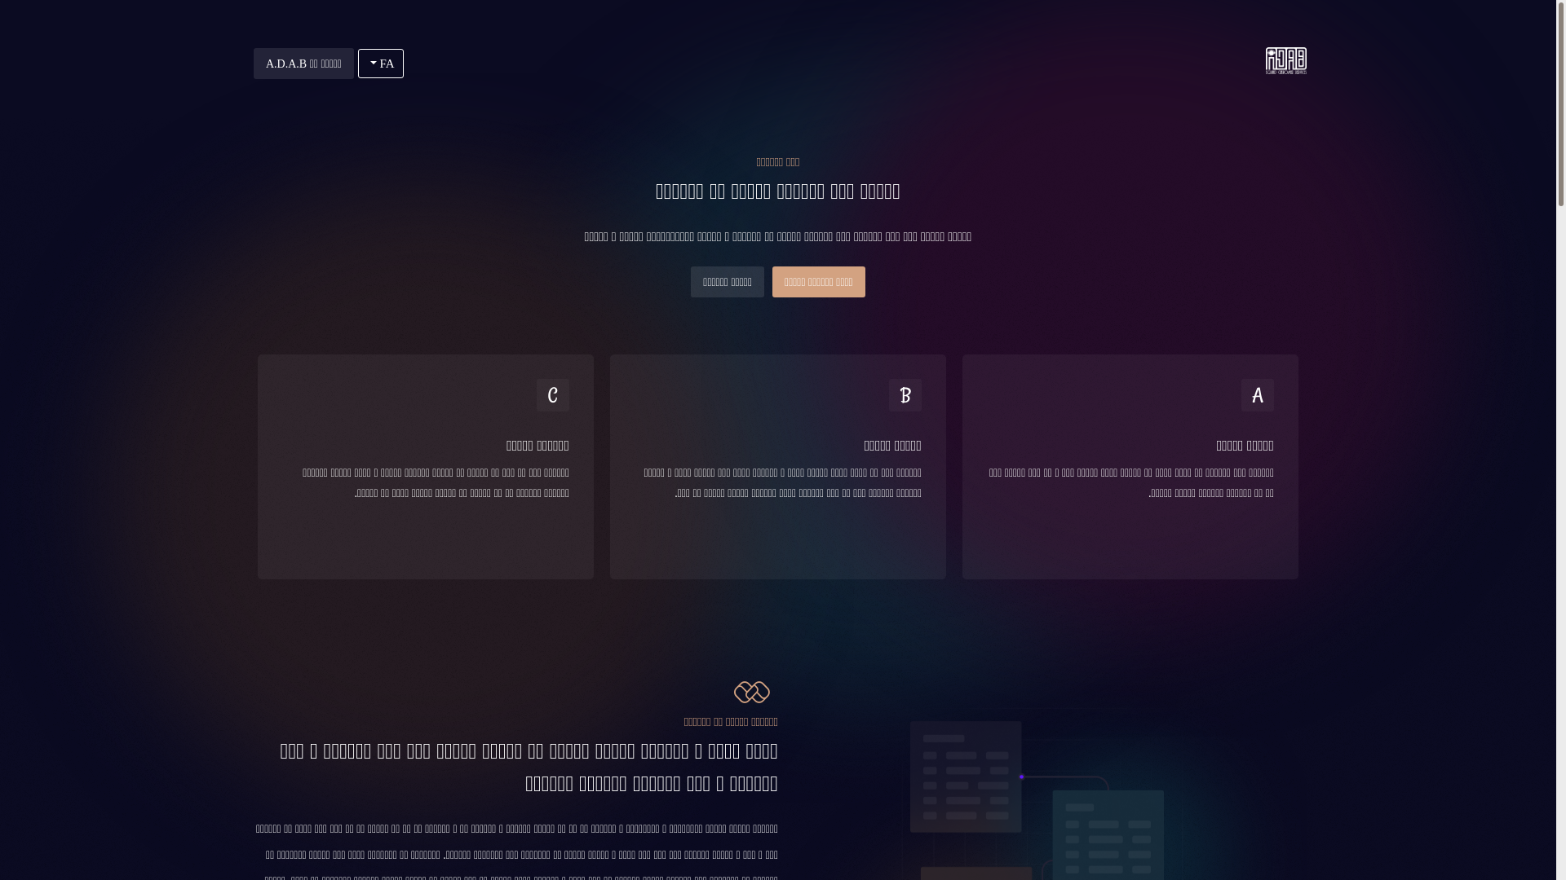 The width and height of the screenshot is (1566, 880). Describe the element at coordinates (356, 62) in the screenshot. I see `'FA'` at that location.